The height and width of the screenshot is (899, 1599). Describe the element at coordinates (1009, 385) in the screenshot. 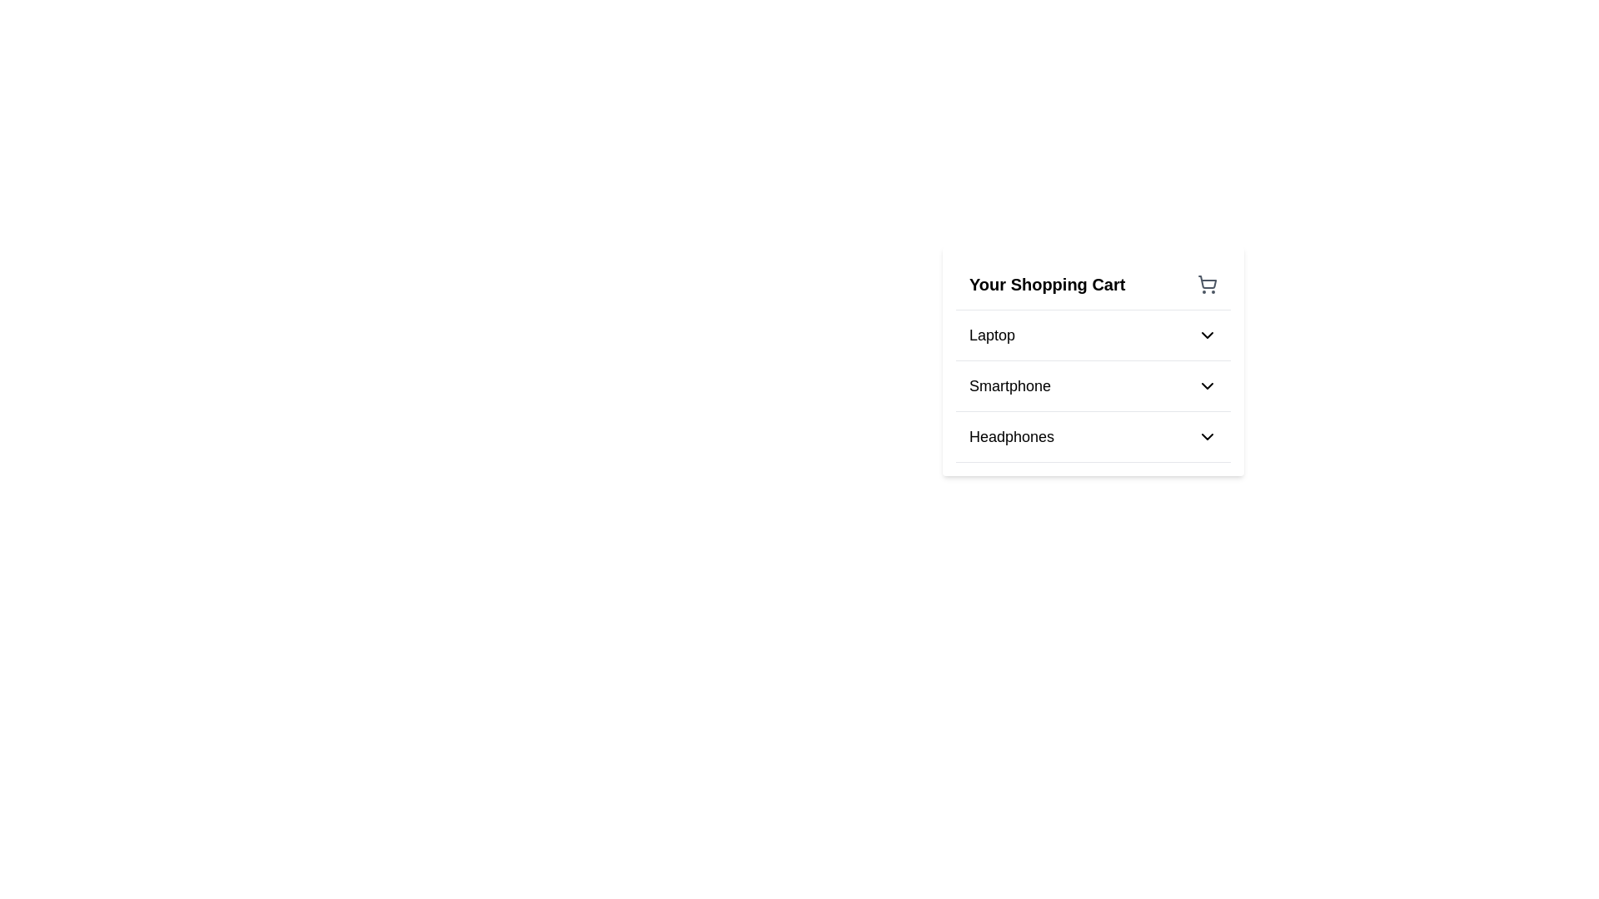

I see `text of the 'Smartphone' category label, which is the second item in the vertically stacked list of product categories` at that location.